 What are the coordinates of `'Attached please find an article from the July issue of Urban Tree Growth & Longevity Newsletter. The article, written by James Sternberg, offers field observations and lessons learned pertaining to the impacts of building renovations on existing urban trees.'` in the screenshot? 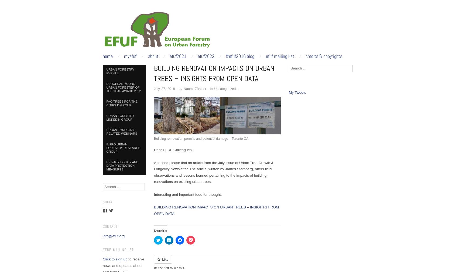 It's located at (213, 172).